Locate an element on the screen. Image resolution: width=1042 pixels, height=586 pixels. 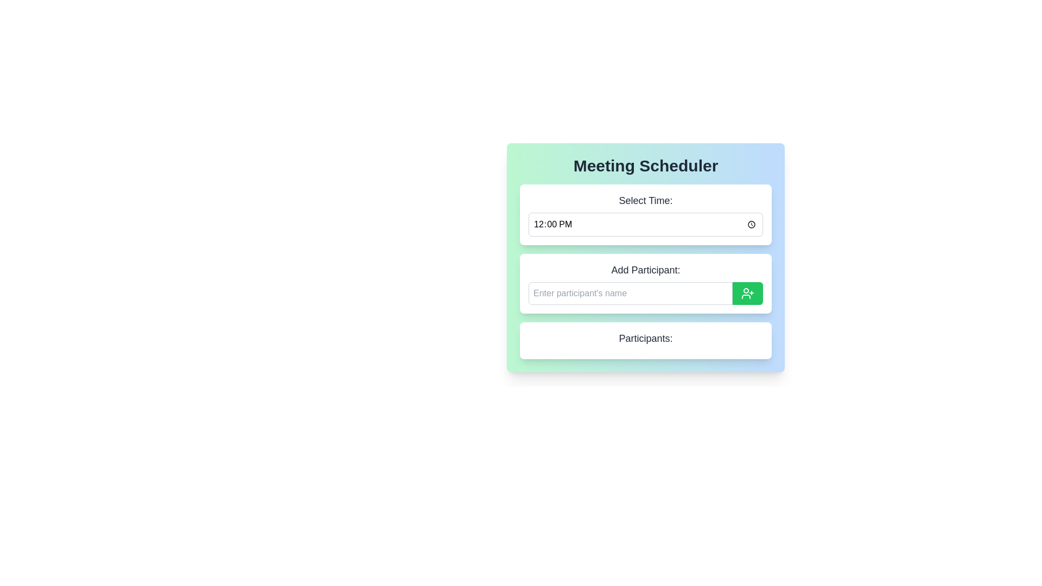
the input field of the composite element for adding a participant, located within the 'Add Participant:' section is located at coordinates (646, 293).